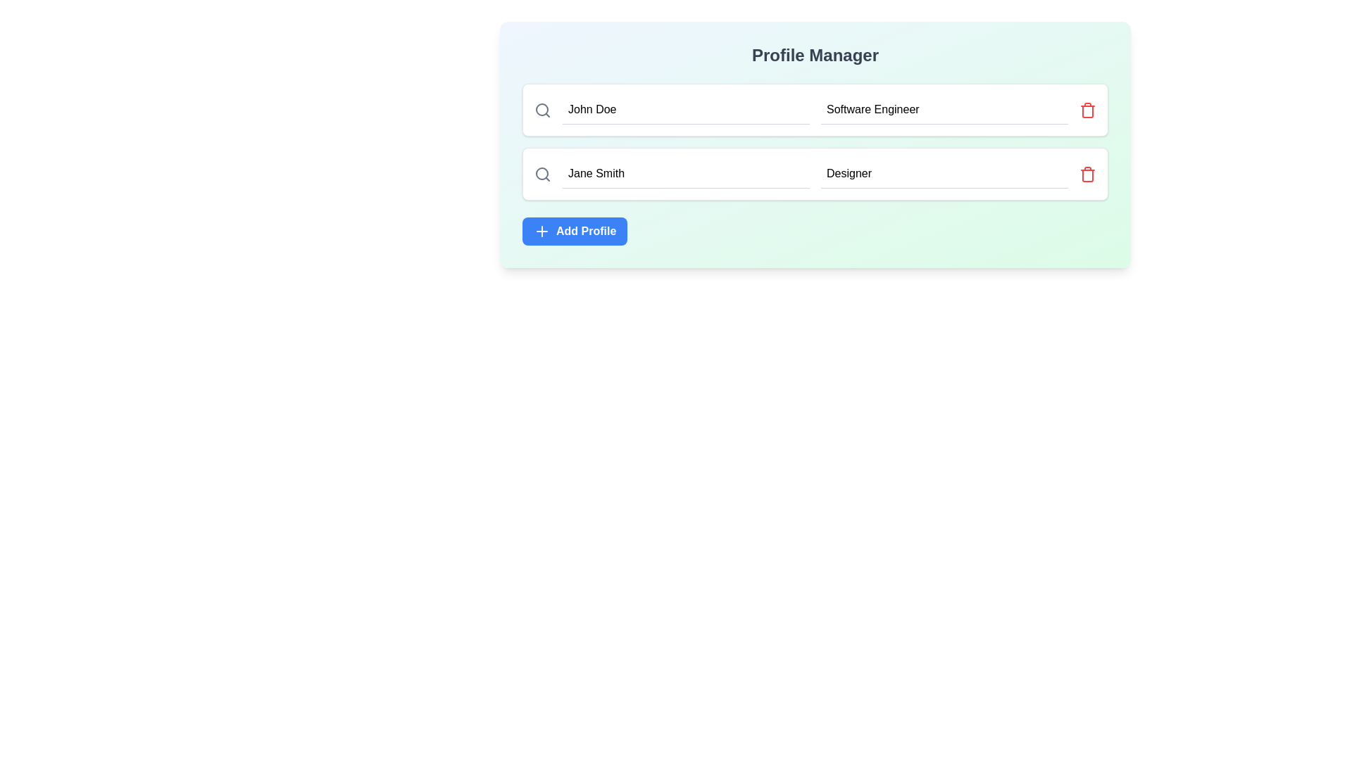  I want to click on the plus icon located at the leftmost segment of the 'Add Profile' button, so click(541, 230).